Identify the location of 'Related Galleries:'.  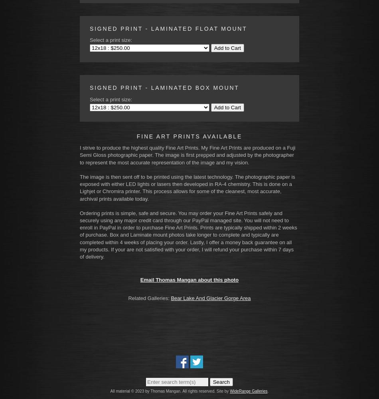
(128, 298).